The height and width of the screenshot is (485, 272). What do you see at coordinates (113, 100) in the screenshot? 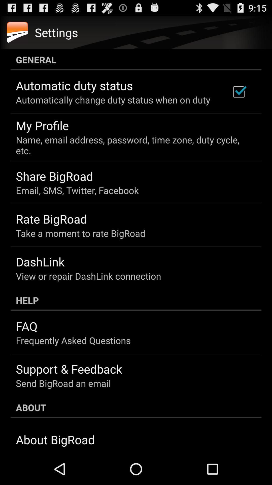
I see `app below the automatic duty status item` at bounding box center [113, 100].